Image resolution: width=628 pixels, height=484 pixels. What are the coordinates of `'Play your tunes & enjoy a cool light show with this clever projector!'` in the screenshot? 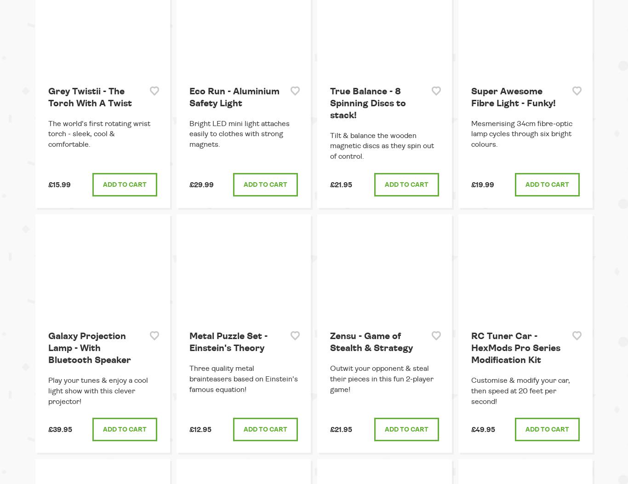 It's located at (48, 390).